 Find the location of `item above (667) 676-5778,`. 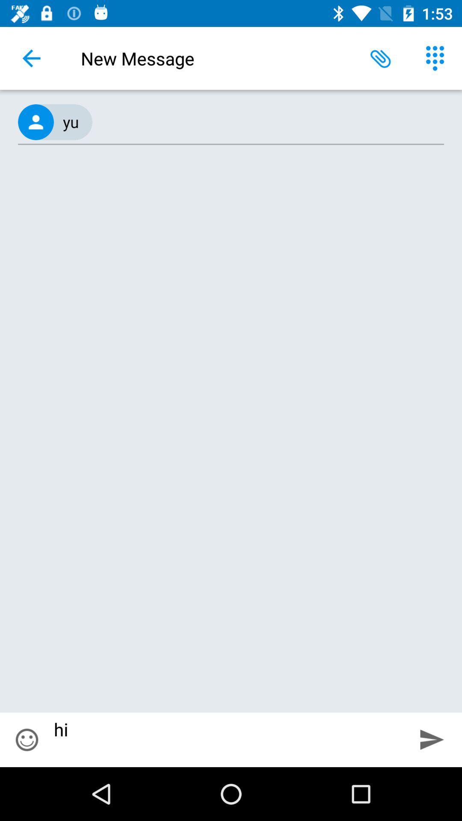

item above (667) 676-5778, is located at coordinates (31, 58).